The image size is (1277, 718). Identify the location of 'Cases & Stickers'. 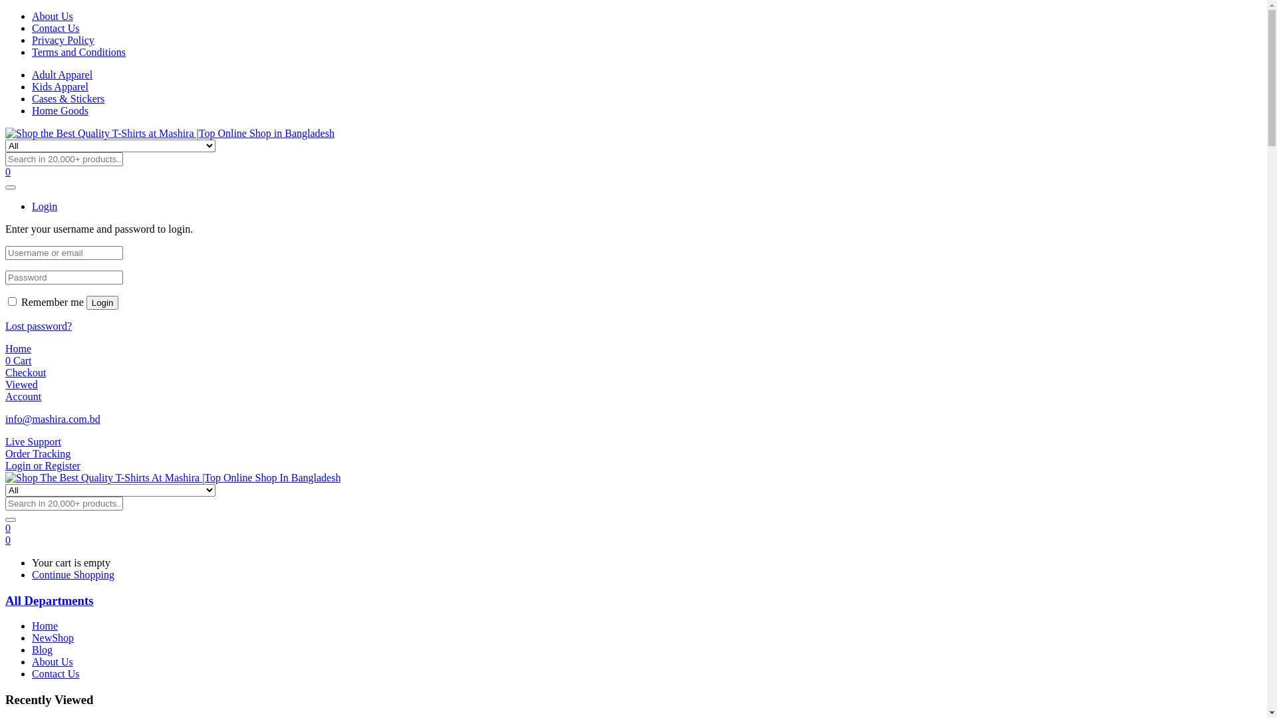
(32, 98).